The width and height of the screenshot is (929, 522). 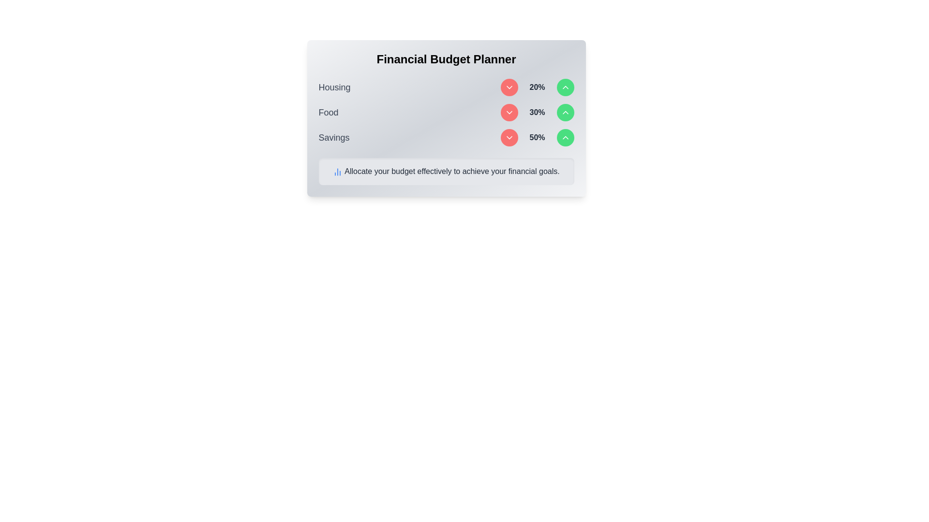 What do you see at coordinates (509, 138) in the screenshot?
I see `the decrement button for adjusting the budget percentage of the Savings category to change its background color` at bounding box center [509, 138].